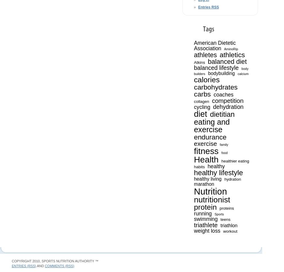  What do you see at coordinates (219, 208) in the screenshot?
I see `'proteins'` at bounding box center [219, 208].